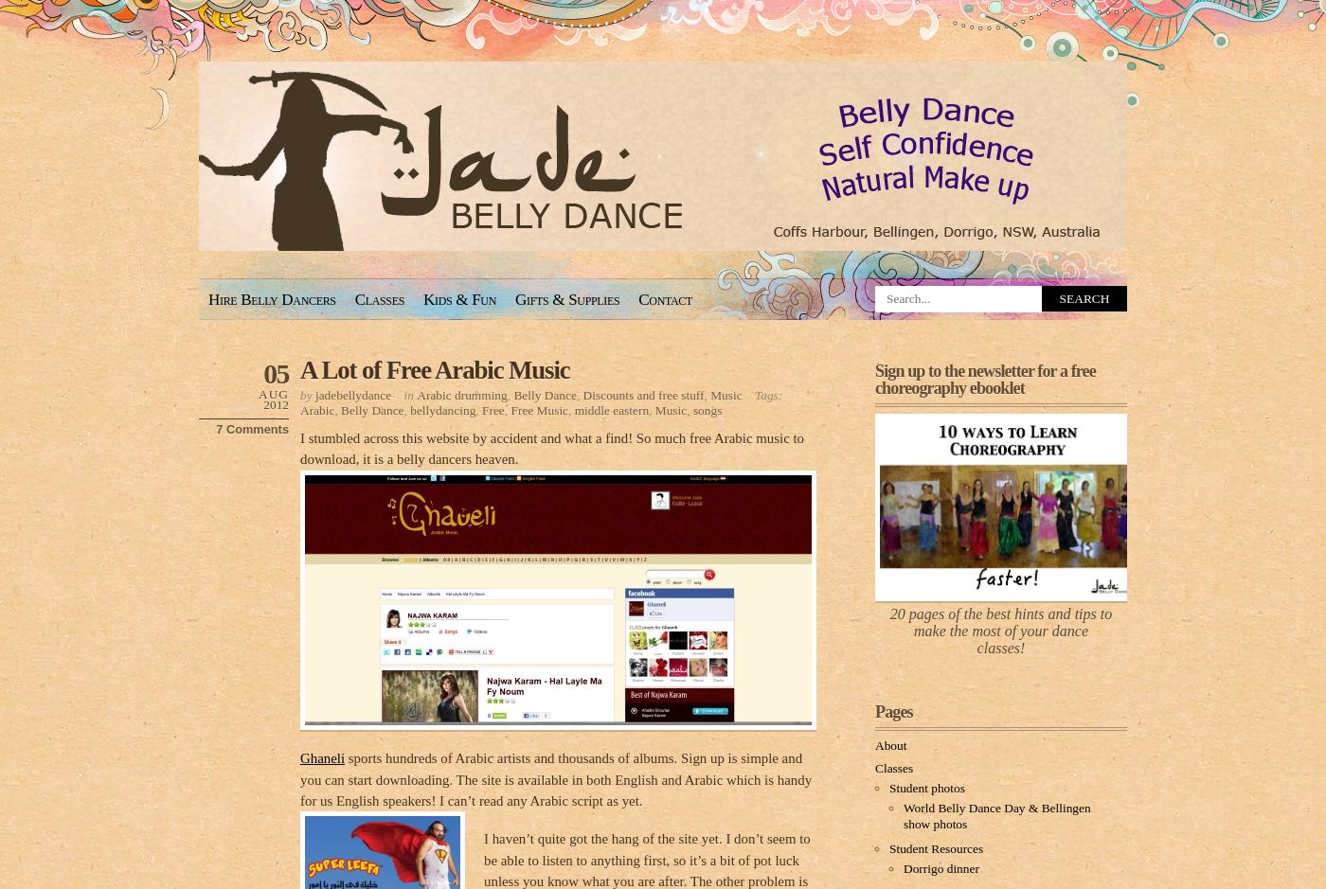 Image resolution: width=1326 pixels, height=889 pixels. What do you see at coordinates (322, 757) in the screenshot?
I see `'Ghaneli'` at bounding box center [322, 757].